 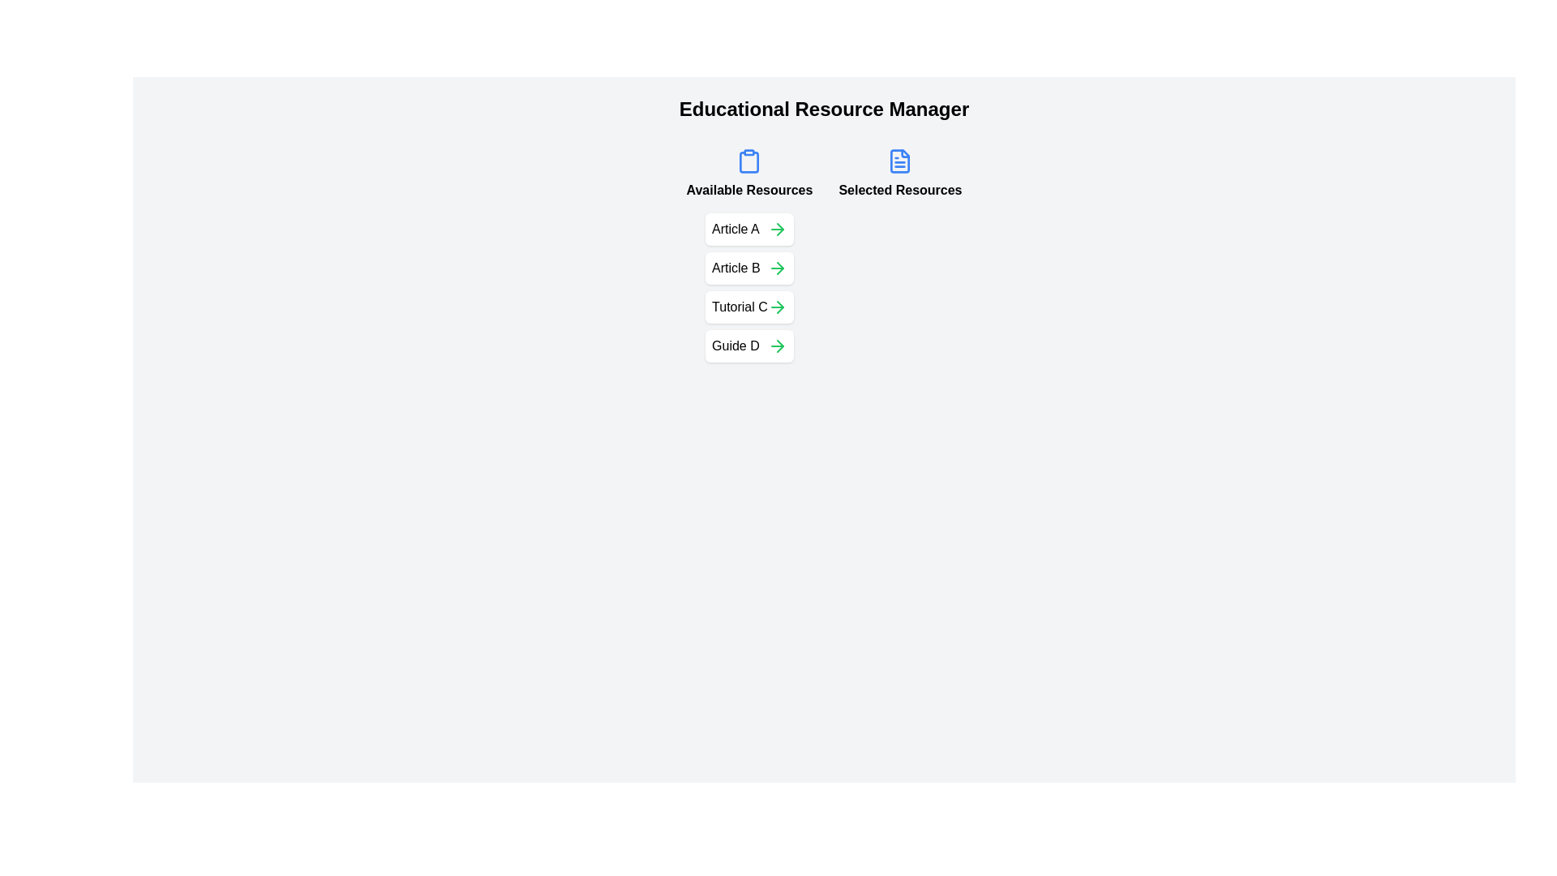 What do you see at coordinates (776, 229) in the screenshot?
I see `the button to move the resource Article A from 'Available Resources' to 'Selected Resources'` at bounding box center [776, 229].